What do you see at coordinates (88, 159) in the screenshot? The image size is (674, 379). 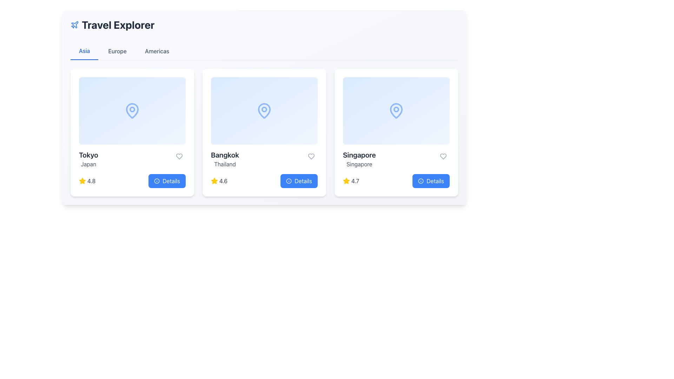 I see `the informational text element that displays 'Tokyo' and 'Japan', located in the first card under the 'Asia' tab in the 'Travel Explorer' section` at bounding box center [88, 159].